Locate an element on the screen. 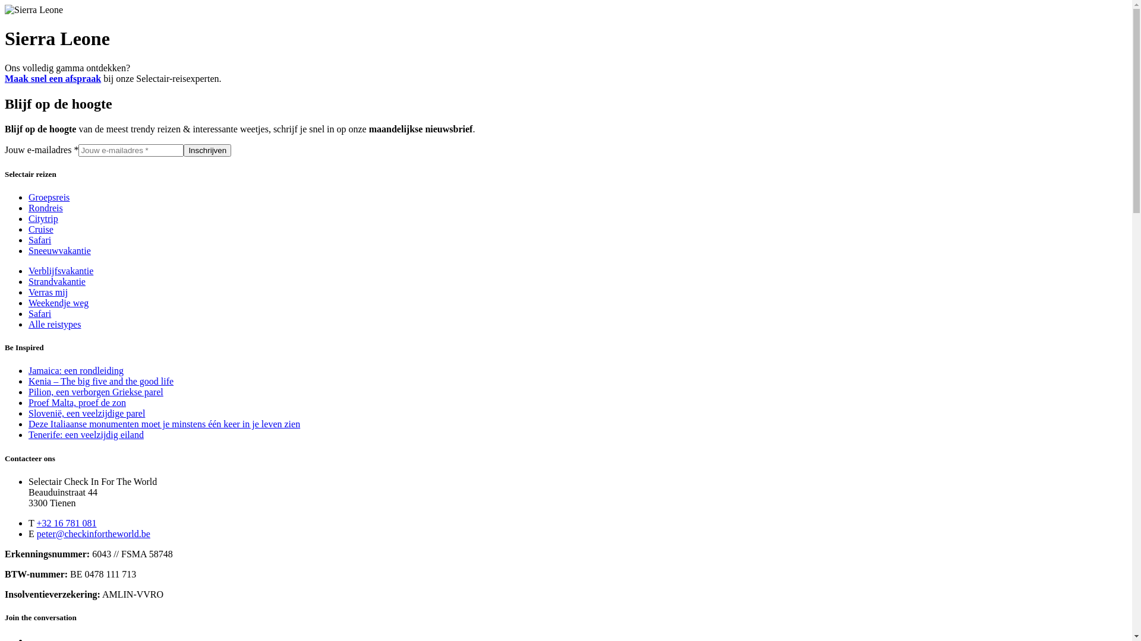 This screenshot has width=1141, height=641. 'Verras mij' is located at coordinates (48, 292).